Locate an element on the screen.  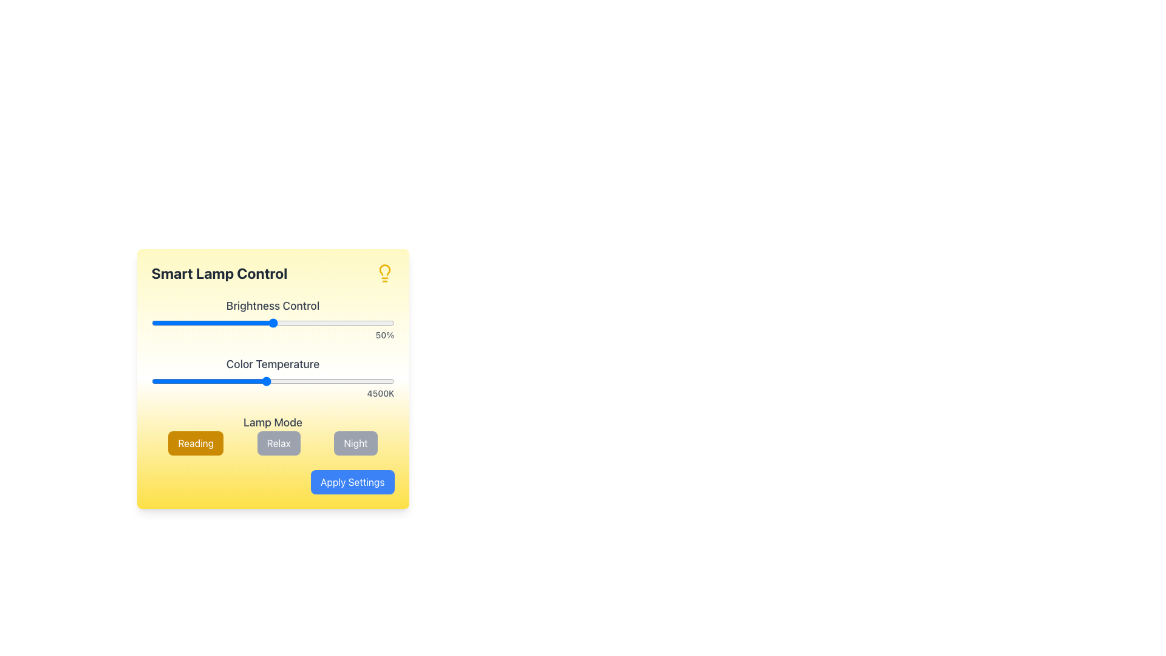
the 'Apply Settings' button, which has rounded corners, a blue background, and white text, located at the bottom-right corner of the 'Smart Lamp Control' card is located at coordinates (352, 482).